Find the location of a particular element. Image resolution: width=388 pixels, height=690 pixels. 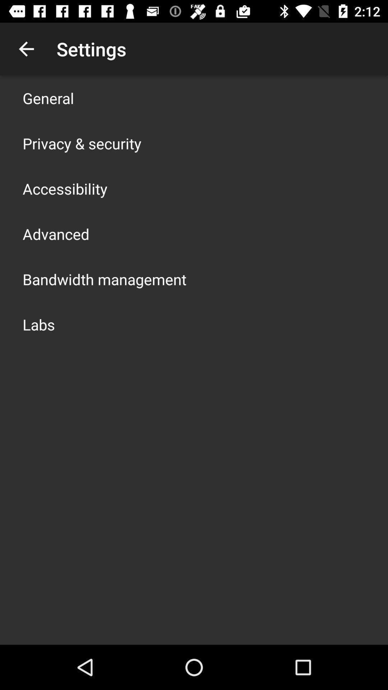

the bandwidth management item is located at coordinates (104, 279).